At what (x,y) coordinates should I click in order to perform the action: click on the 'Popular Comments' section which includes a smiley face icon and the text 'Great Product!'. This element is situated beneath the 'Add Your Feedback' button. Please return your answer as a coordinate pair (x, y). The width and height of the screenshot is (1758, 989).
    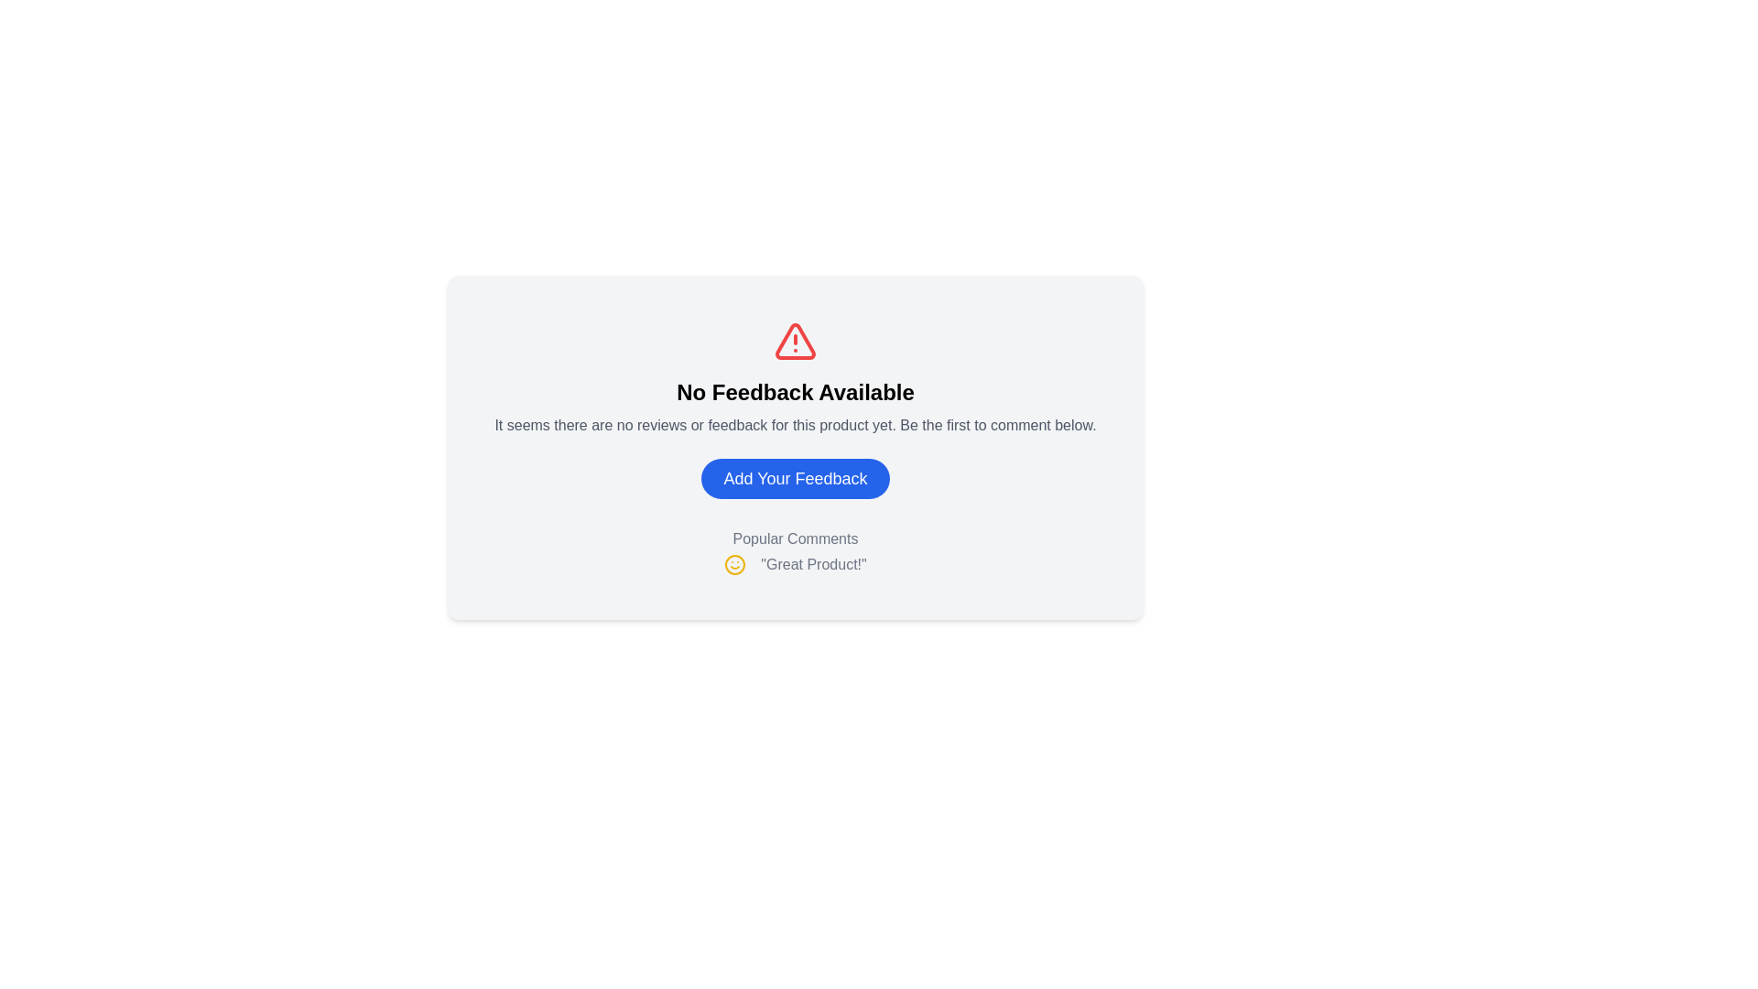
    Looking at the image, I should click on (795, 550).